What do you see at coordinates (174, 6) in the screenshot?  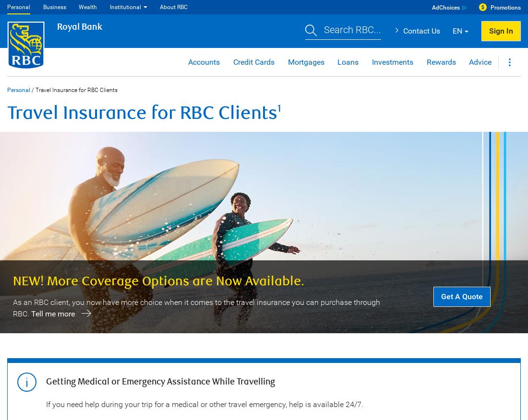 I see `'About RBC'` at bounding box center [174, 6].